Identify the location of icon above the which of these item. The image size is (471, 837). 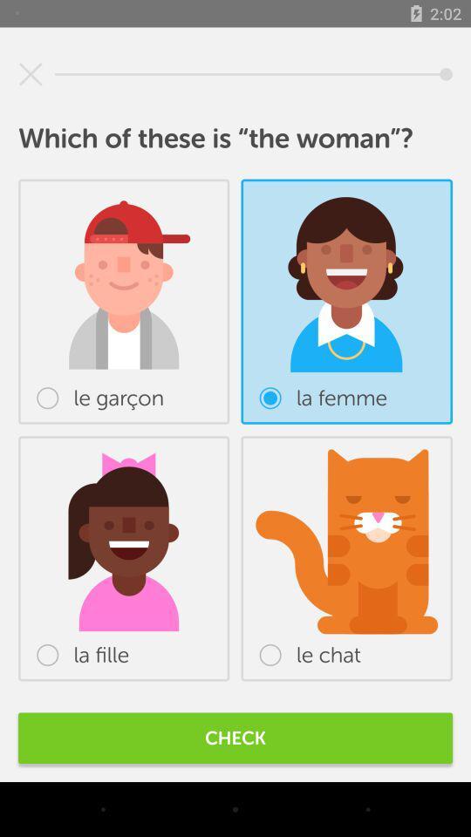
(31, 74).